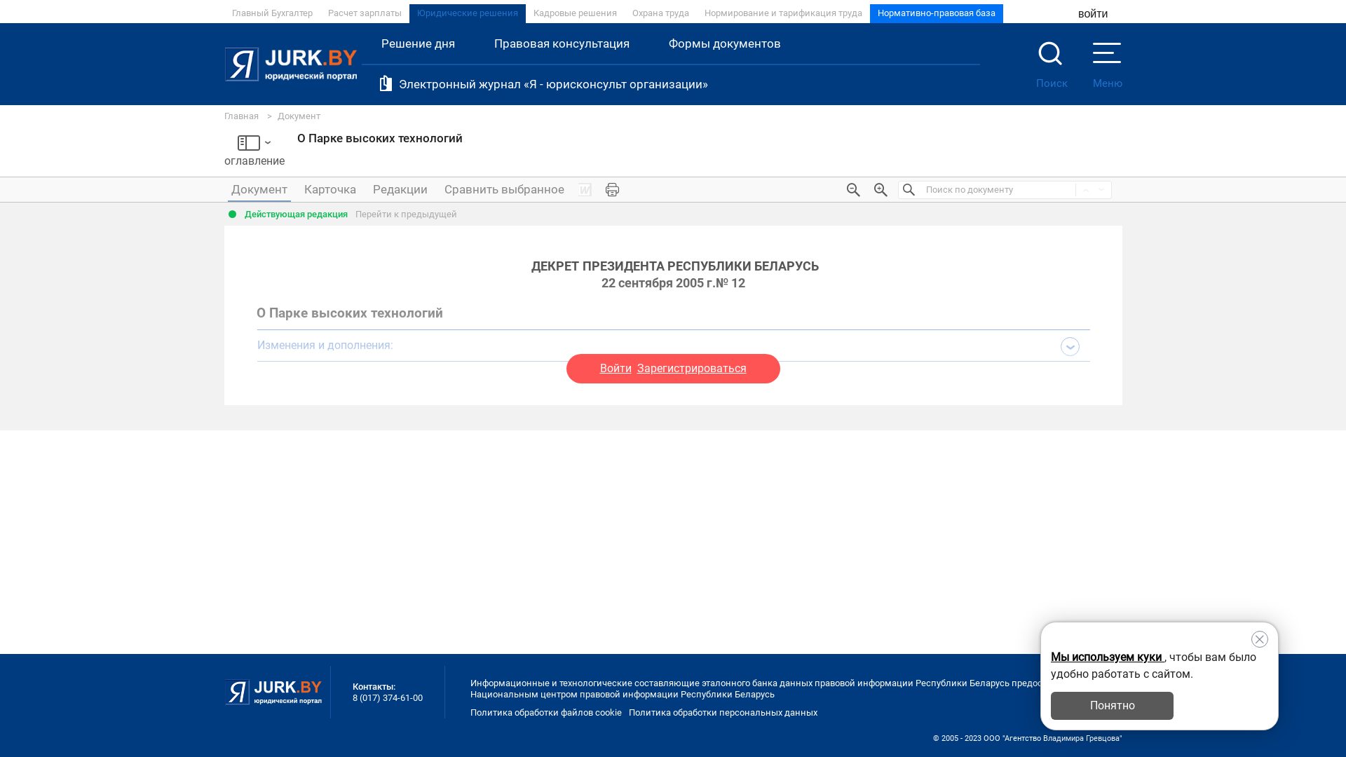 Image resolution: width=1346 pixels, height=757 pixels. What do you see at coordinates (387, 697) in the screenshot?
I see `'8 (017) 374-61-00'` at bounding box center [387, 697].